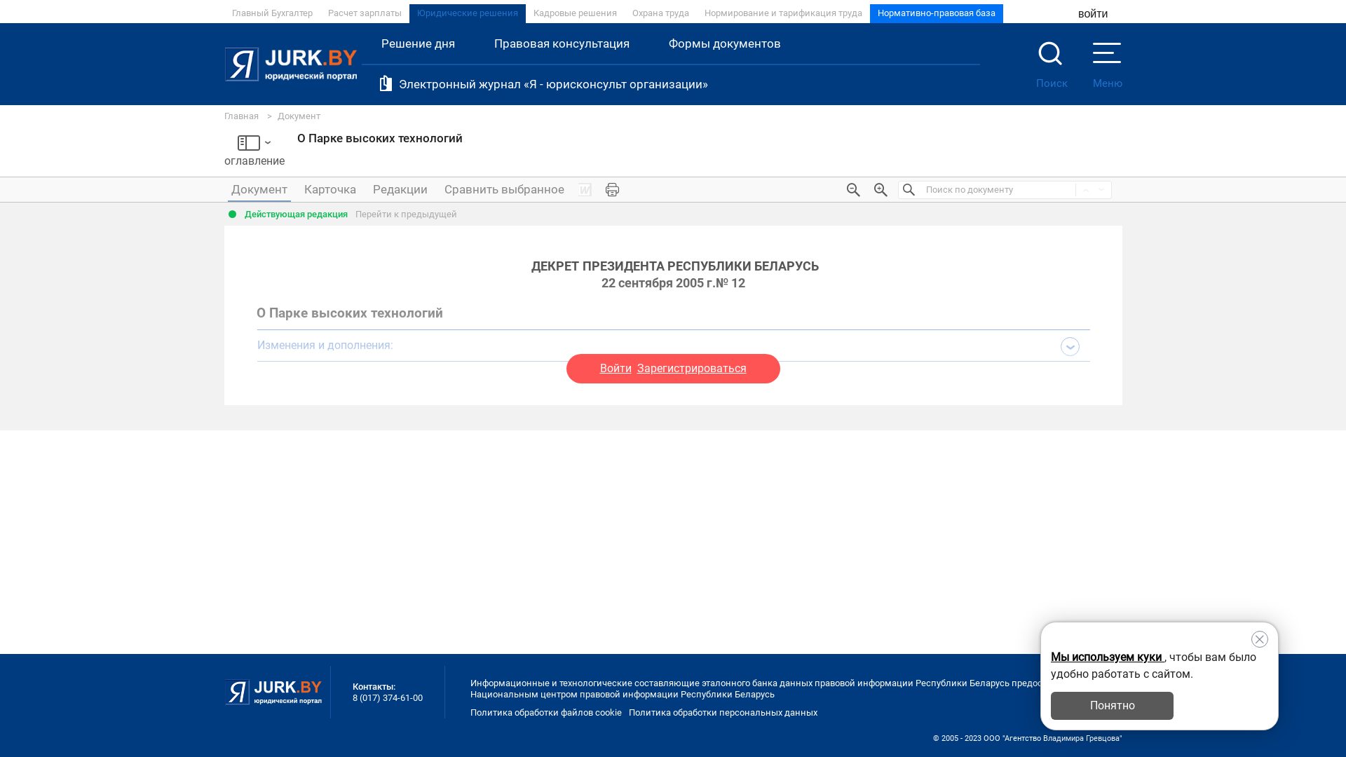 Image resolution: width=1346 pixels, height=757 pixels. What do you see at coordinates (387, 697) in the screenshot?
I see `'8 (017) 374-61-00'` at bounding box center [387, 697].